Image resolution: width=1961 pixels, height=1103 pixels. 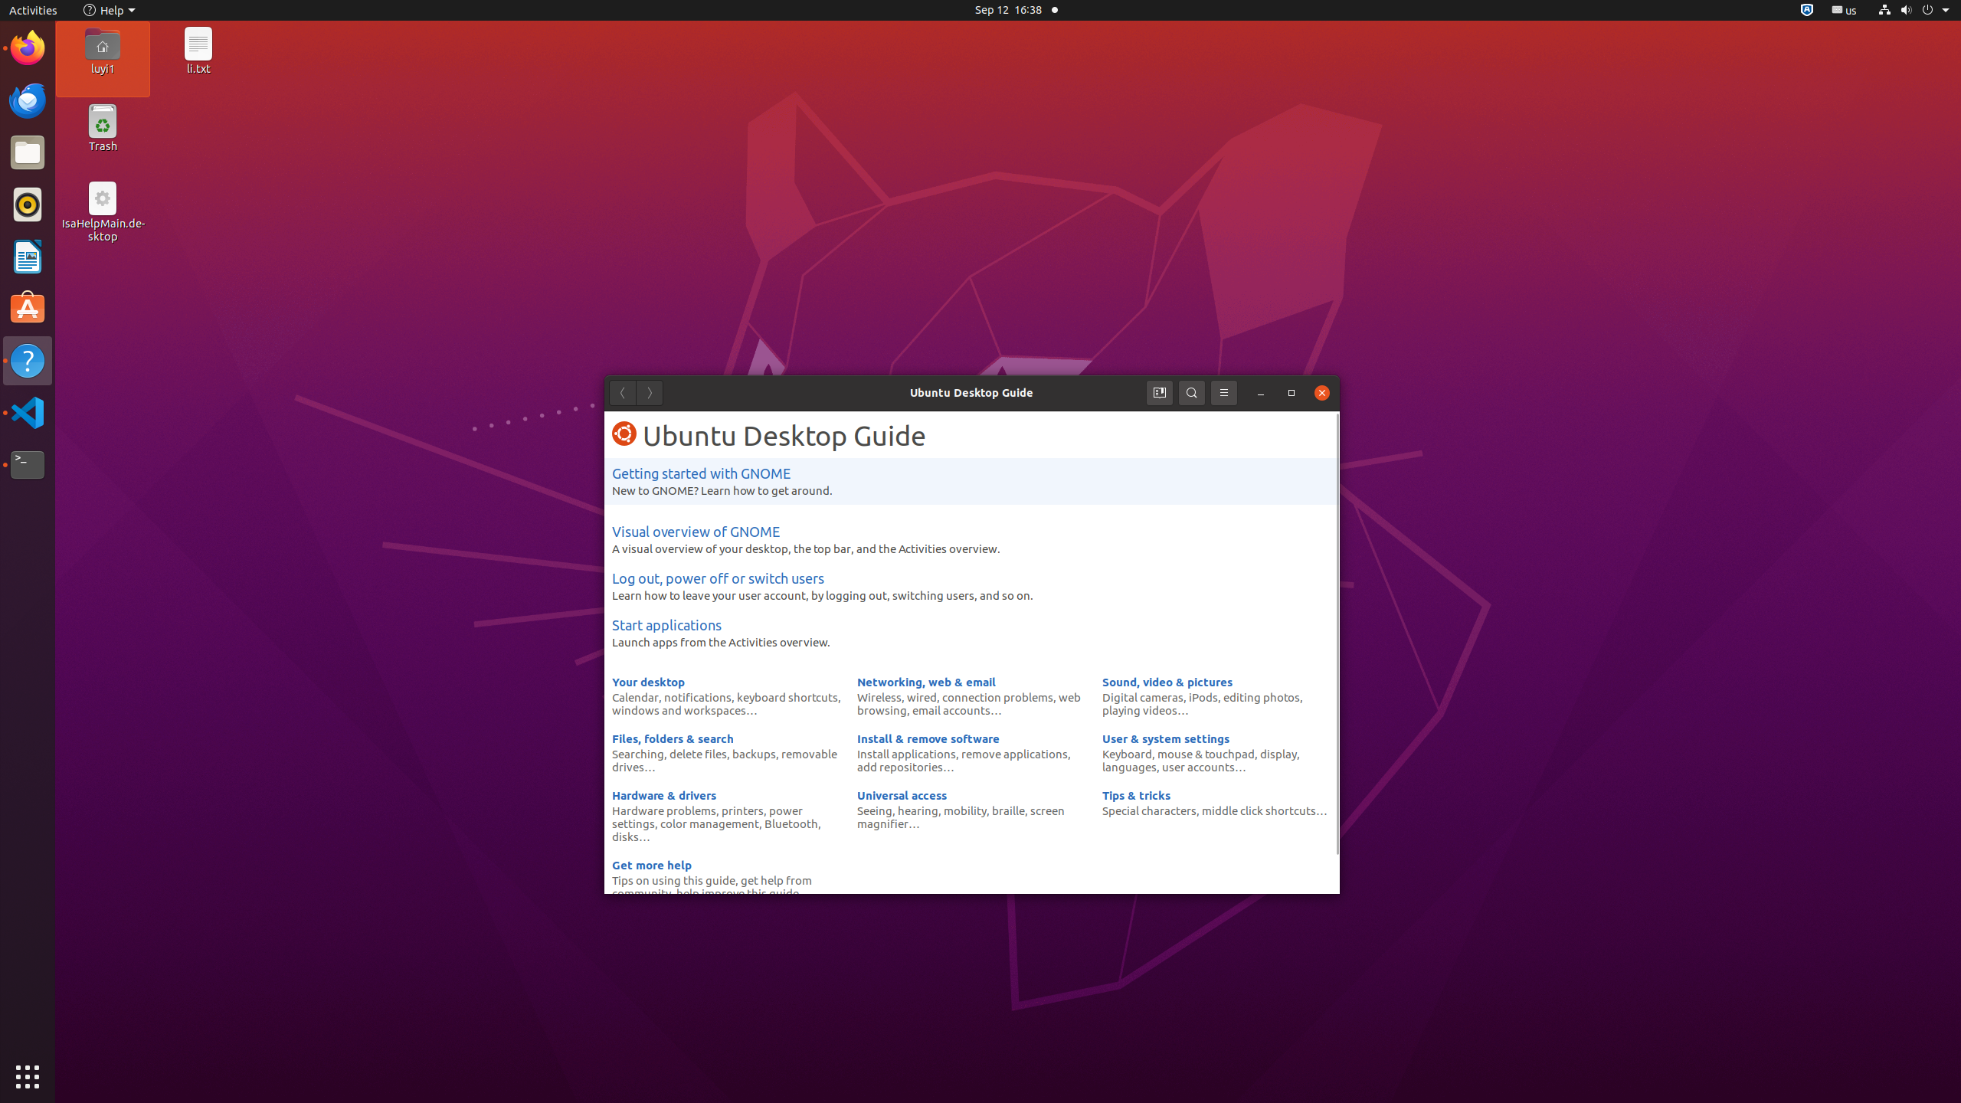 What do you see at coordinates (787, 696) in the screenshot?
I see `'keyboard shortcuts'` at bounding box center [787, 696].